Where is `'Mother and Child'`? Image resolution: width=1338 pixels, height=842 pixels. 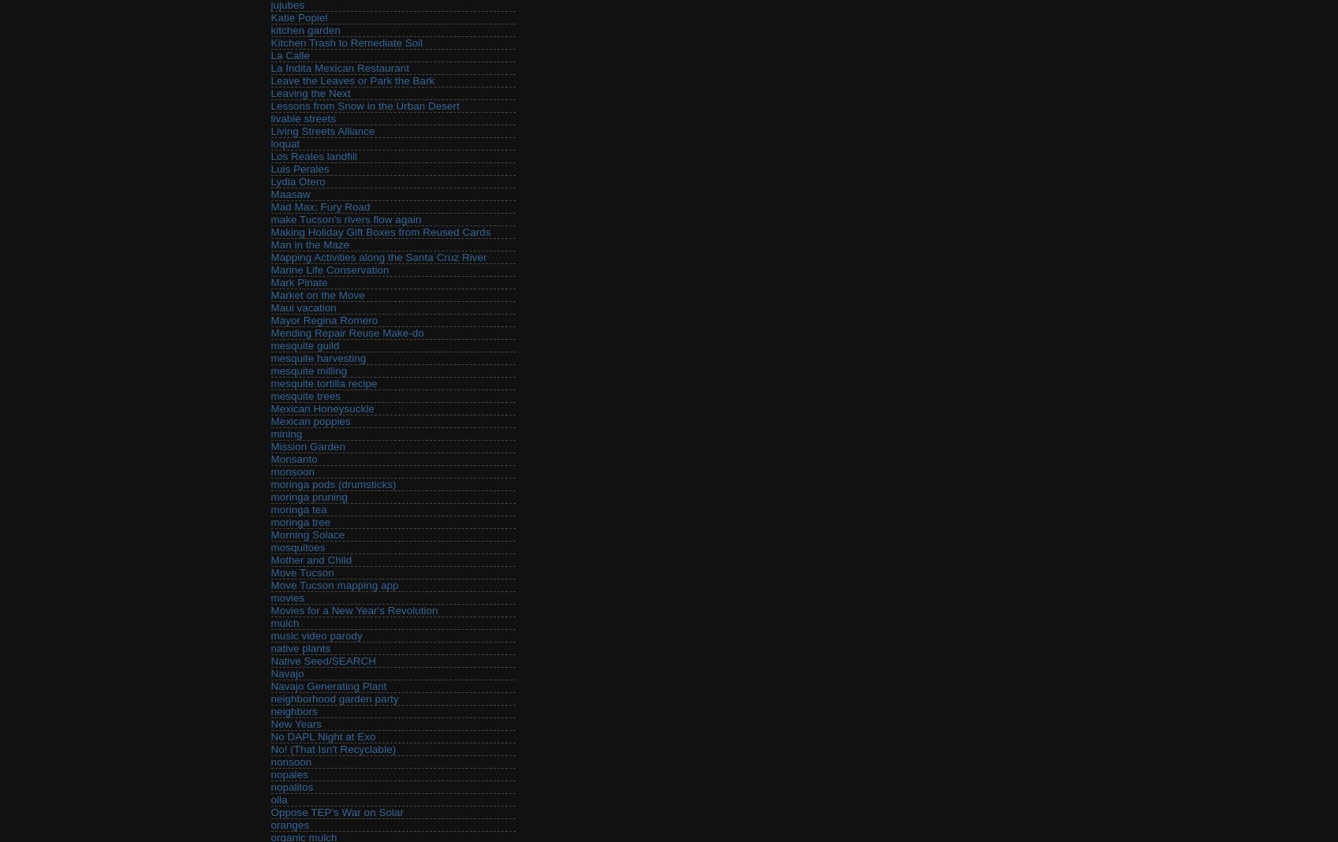 'Mother and Child' is located at coordinates (310, 560).